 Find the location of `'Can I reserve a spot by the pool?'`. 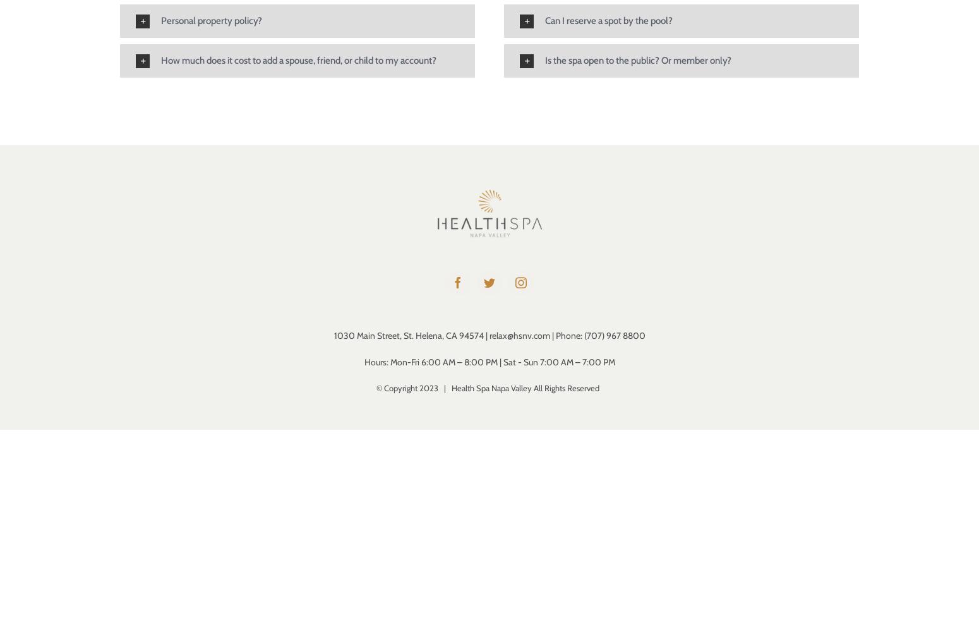

'Can I reserve a spot by the pool?' is located at coordinates (608, 20).